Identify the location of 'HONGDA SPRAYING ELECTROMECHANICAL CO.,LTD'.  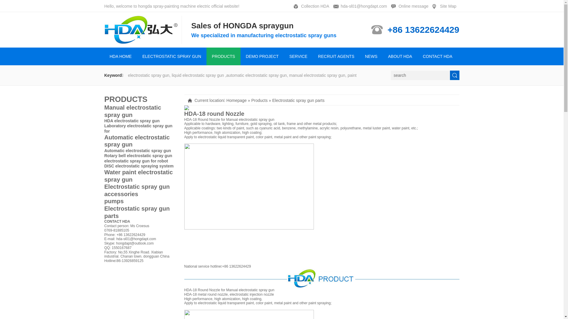
(143, 41).